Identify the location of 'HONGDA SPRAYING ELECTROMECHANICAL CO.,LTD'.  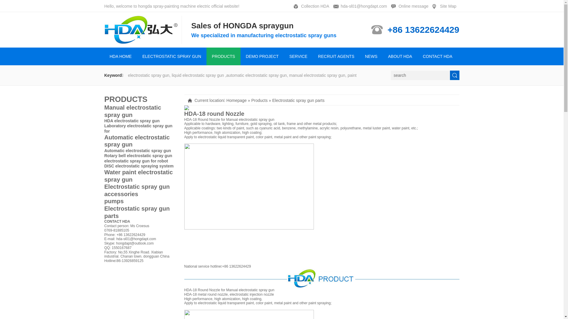
(143, 41).